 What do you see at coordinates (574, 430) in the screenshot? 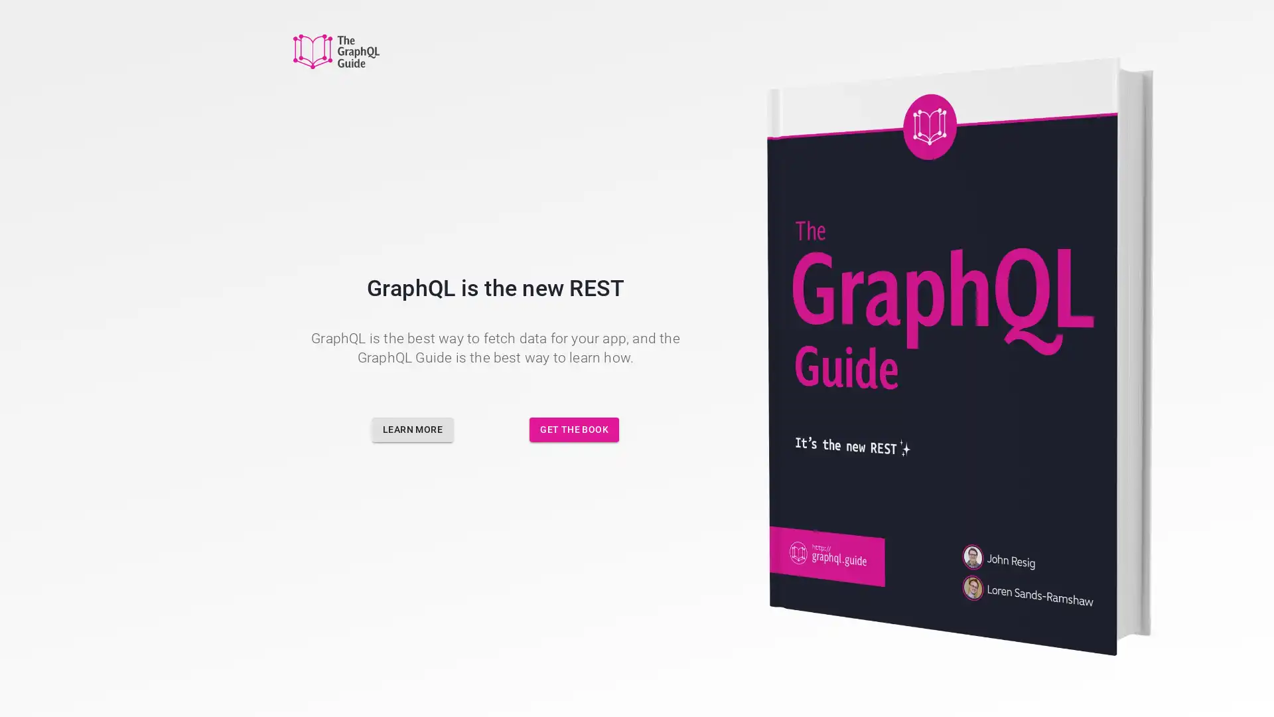
I see `GET THE BOOK` at bounding box center [574, 430].